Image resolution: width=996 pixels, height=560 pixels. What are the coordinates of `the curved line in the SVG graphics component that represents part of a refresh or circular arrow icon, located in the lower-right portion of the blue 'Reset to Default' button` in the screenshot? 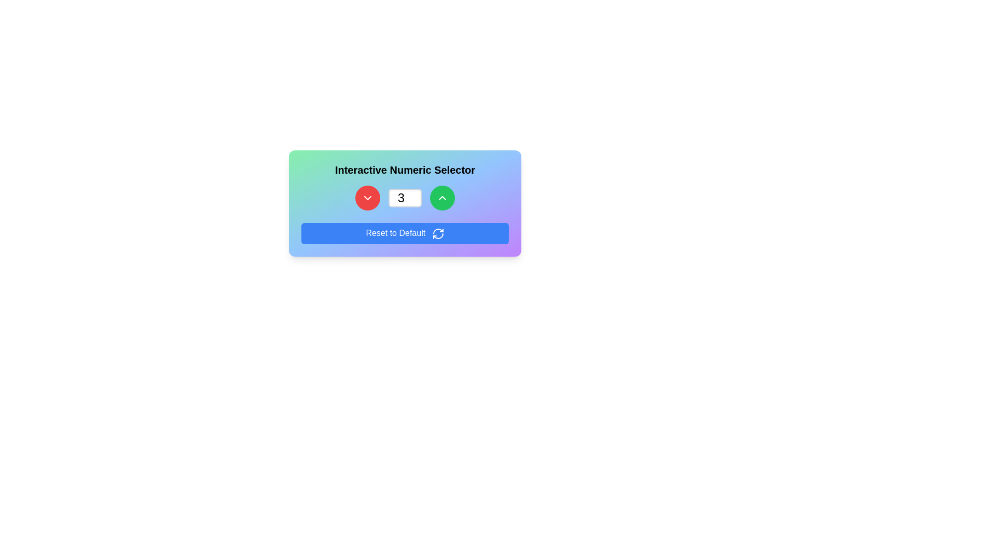 It's located at (438, 231).